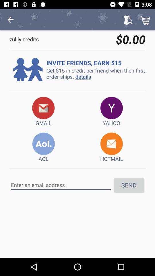 This screenshot has width=155, height=276. What do you see at coordinates (43, 111) in the screenshot?
I see `the icon to the left of yahoo icon` at bounding box center [43, 111].